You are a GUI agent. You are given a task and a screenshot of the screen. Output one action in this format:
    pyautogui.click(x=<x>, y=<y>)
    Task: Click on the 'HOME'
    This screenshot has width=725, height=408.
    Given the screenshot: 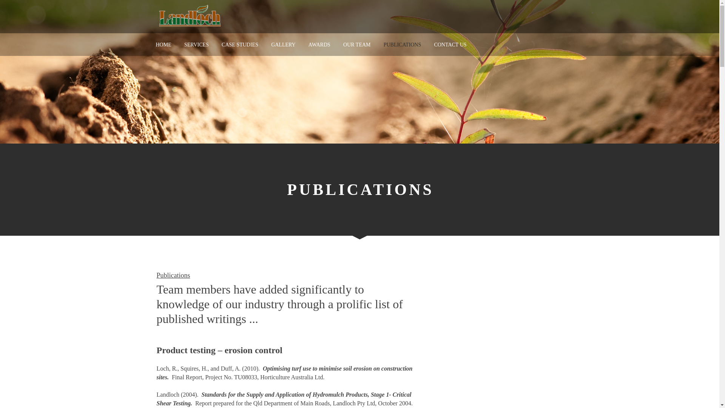 What is the action you would take?
    pyautogui.click(x=155, y=45)
    